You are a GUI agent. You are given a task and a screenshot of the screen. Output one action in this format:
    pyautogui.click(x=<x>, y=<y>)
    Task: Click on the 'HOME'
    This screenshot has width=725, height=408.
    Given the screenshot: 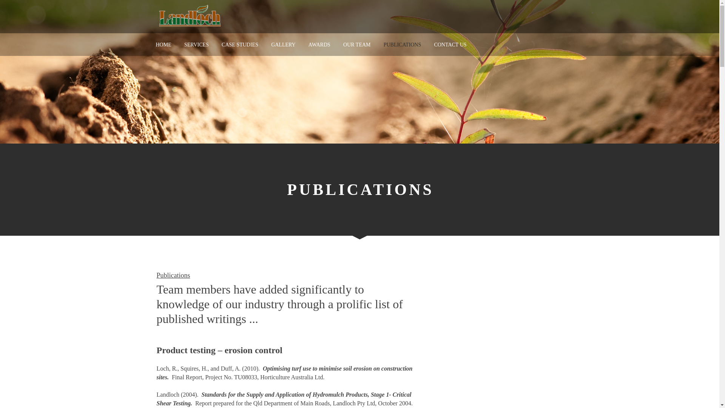 What is the action you would take?
    pyautogui.click(x=155, y=45)
    